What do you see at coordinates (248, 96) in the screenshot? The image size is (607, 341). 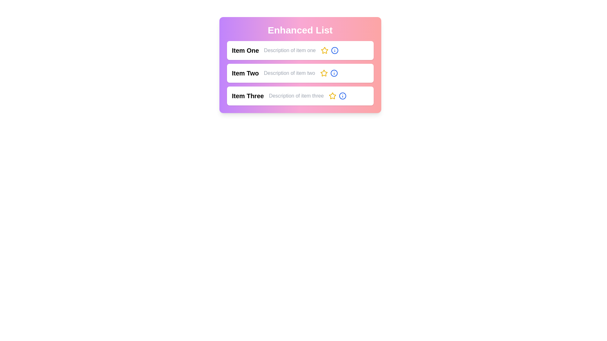 I see `the title of item Item Three to visually interact with it` at bounding box center [248, 96].